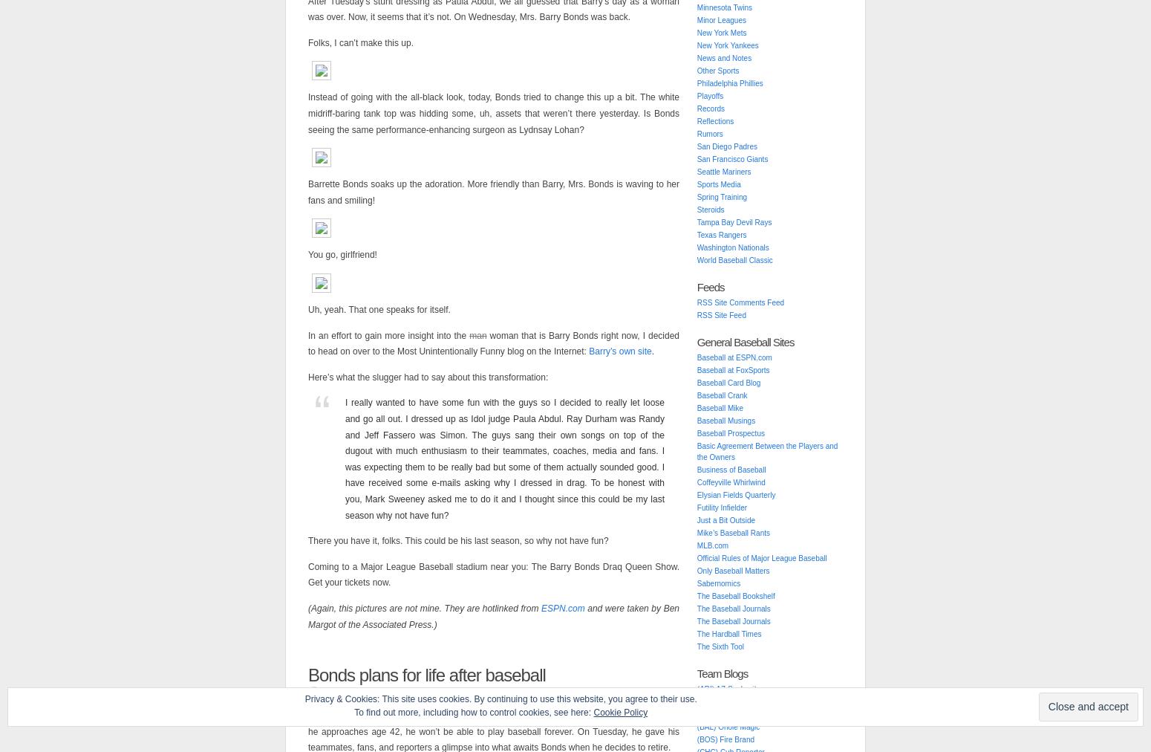  Describe the element at coordinates (733, 357) in the screenshot. I see `'Baseball at ESPN.com'` at that location.